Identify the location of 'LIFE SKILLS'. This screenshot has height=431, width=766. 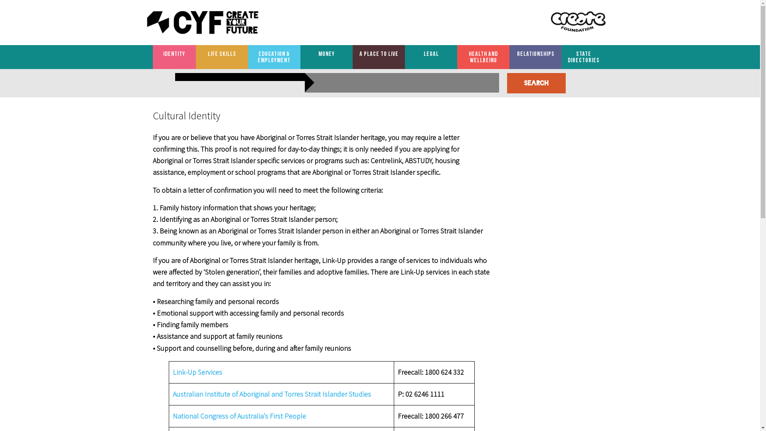
(222, 54).